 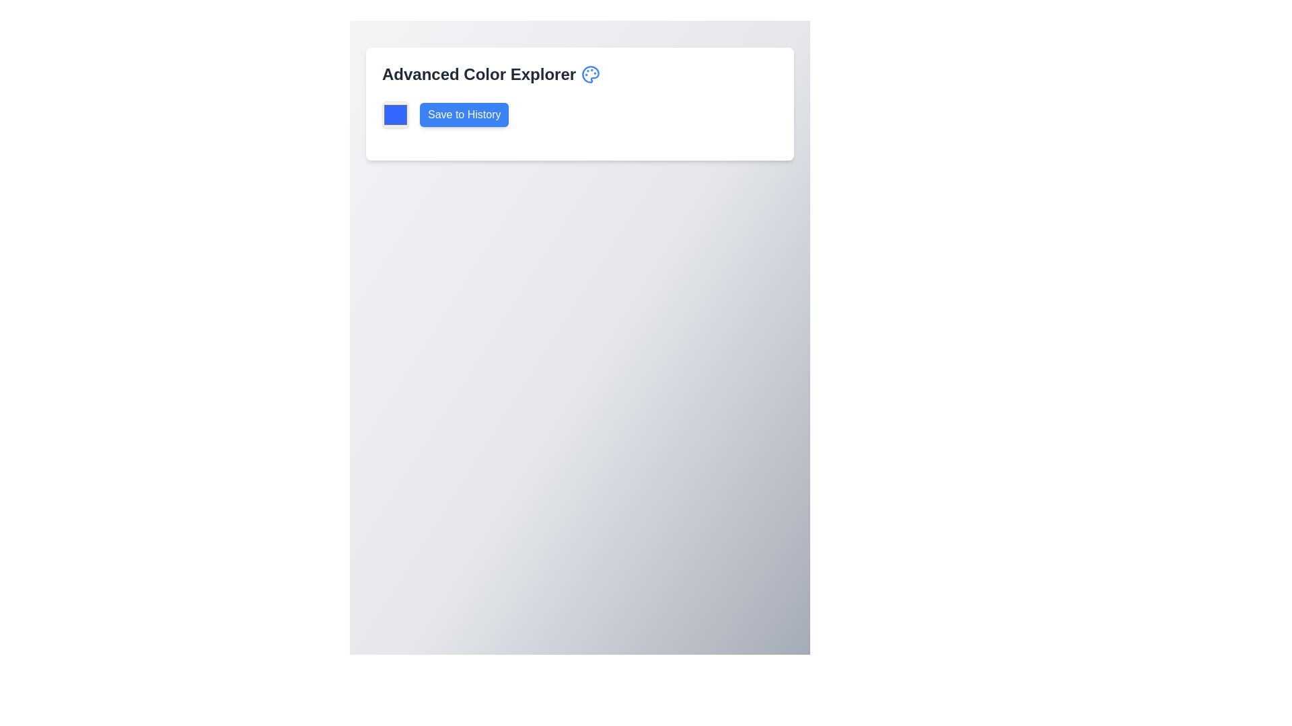 What do you see at coordinates (591, 75) in the screenshot?
I see `the visual design of the blue palette tool icon located to the right of the 'Advanced Color Explorer' text in the header section` at bounding box center [591, 75].